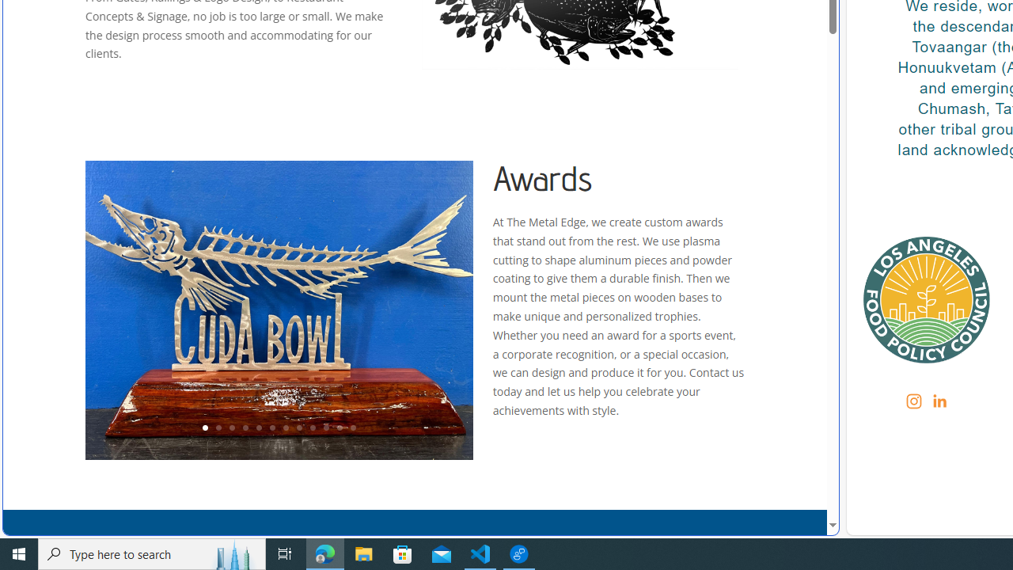 The width and height of the screenshot is (1013, 570). Describe the element at coordinates (203, 428) in the screenshot. I see `'1'` at that location.